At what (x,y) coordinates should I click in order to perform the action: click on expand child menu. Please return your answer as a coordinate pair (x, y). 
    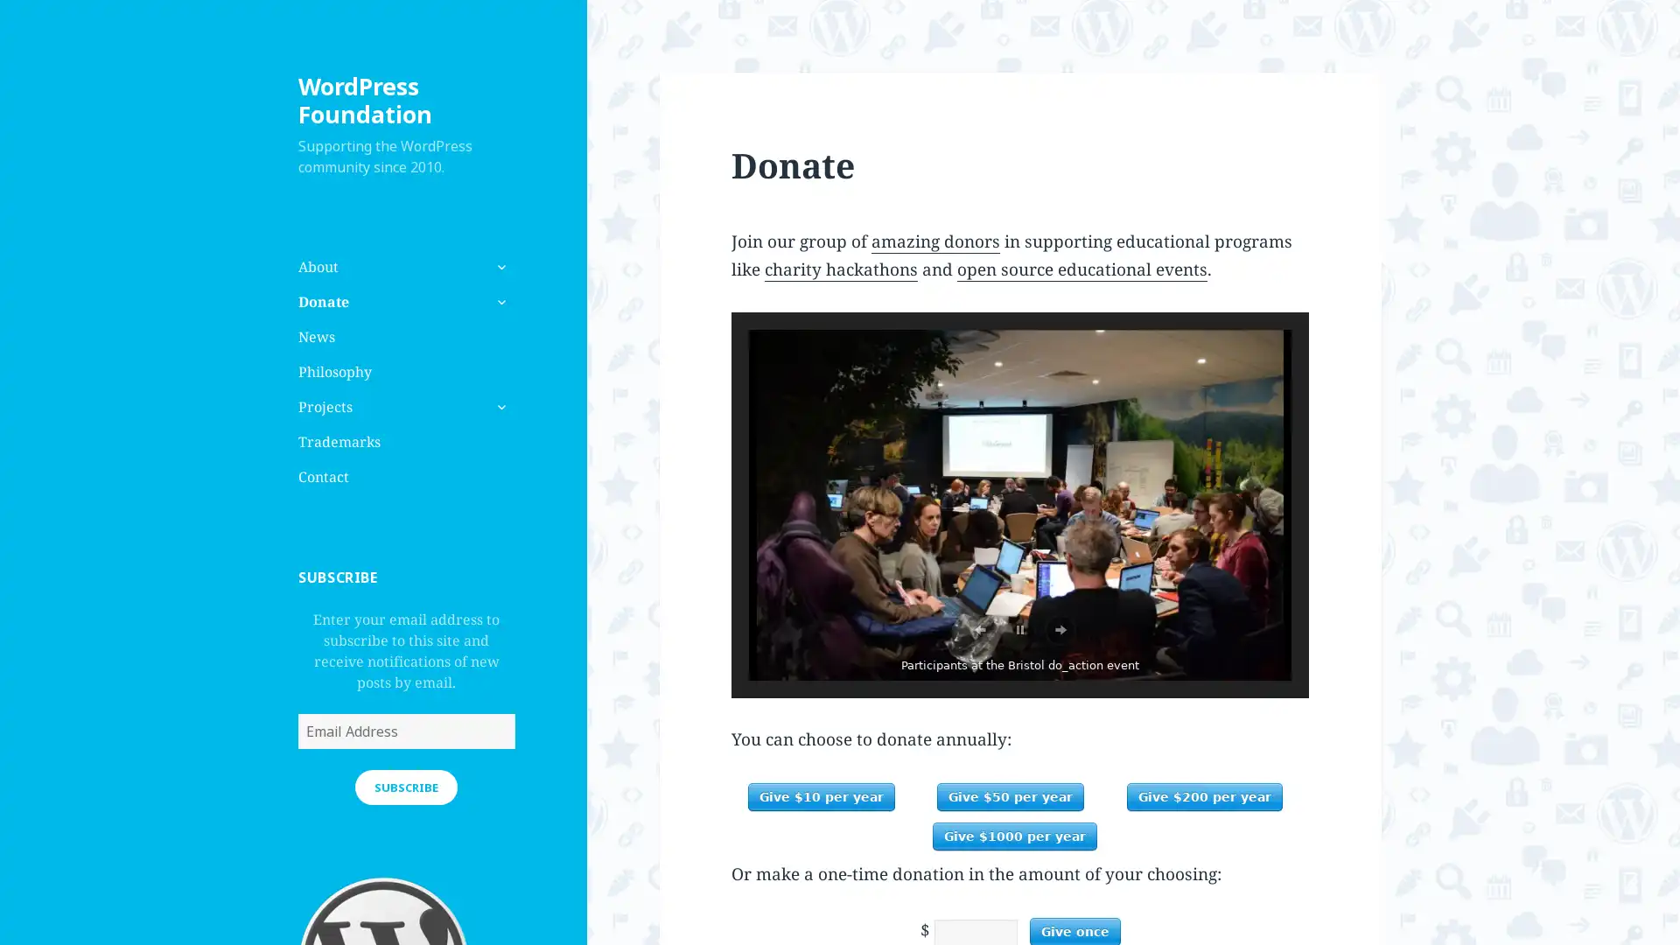
    Looking at the image, I should click on (499, 300).